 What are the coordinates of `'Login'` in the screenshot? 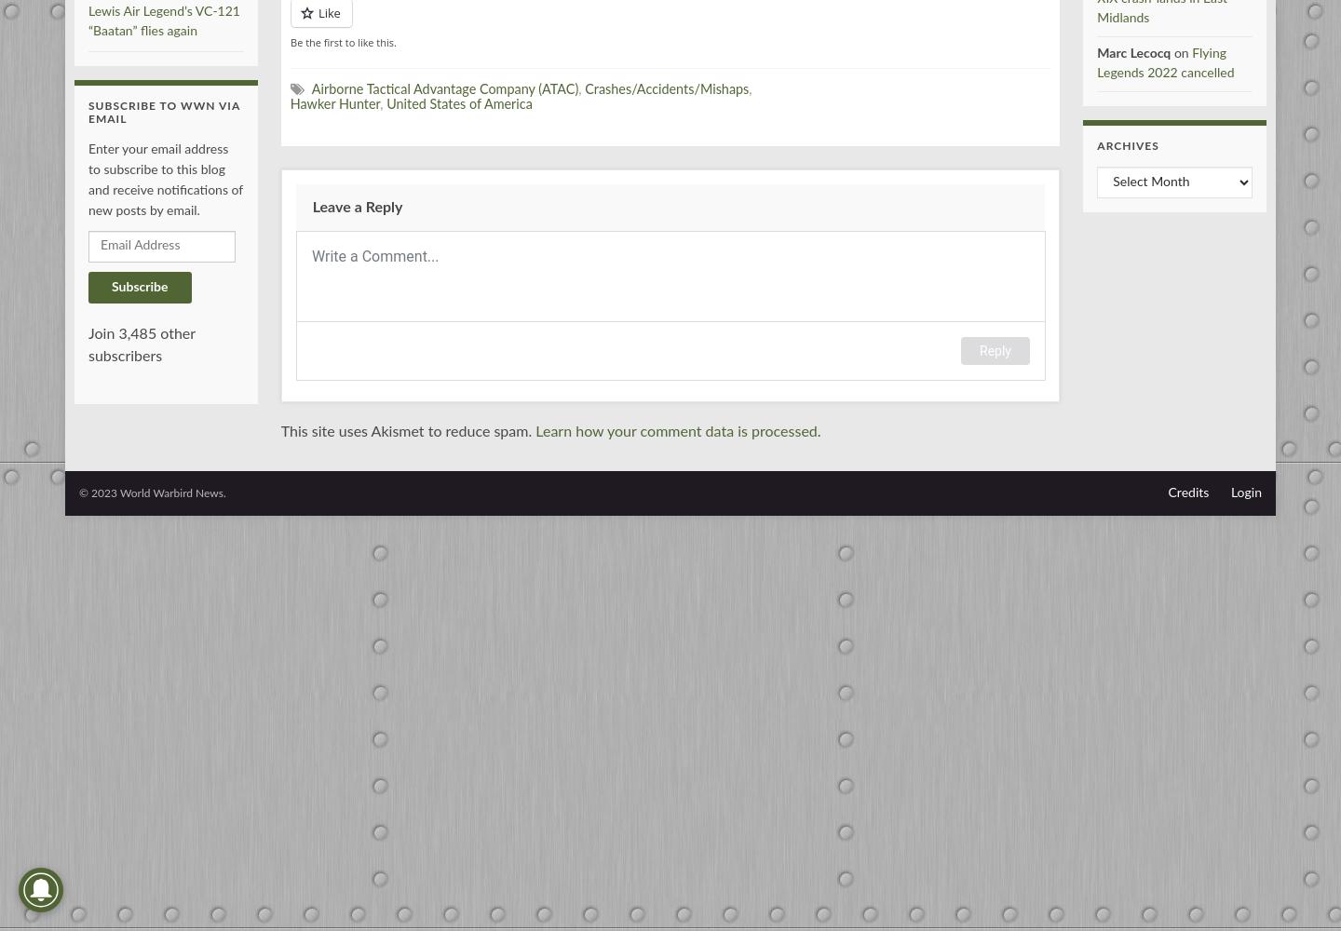 It's located at (1245, 492).